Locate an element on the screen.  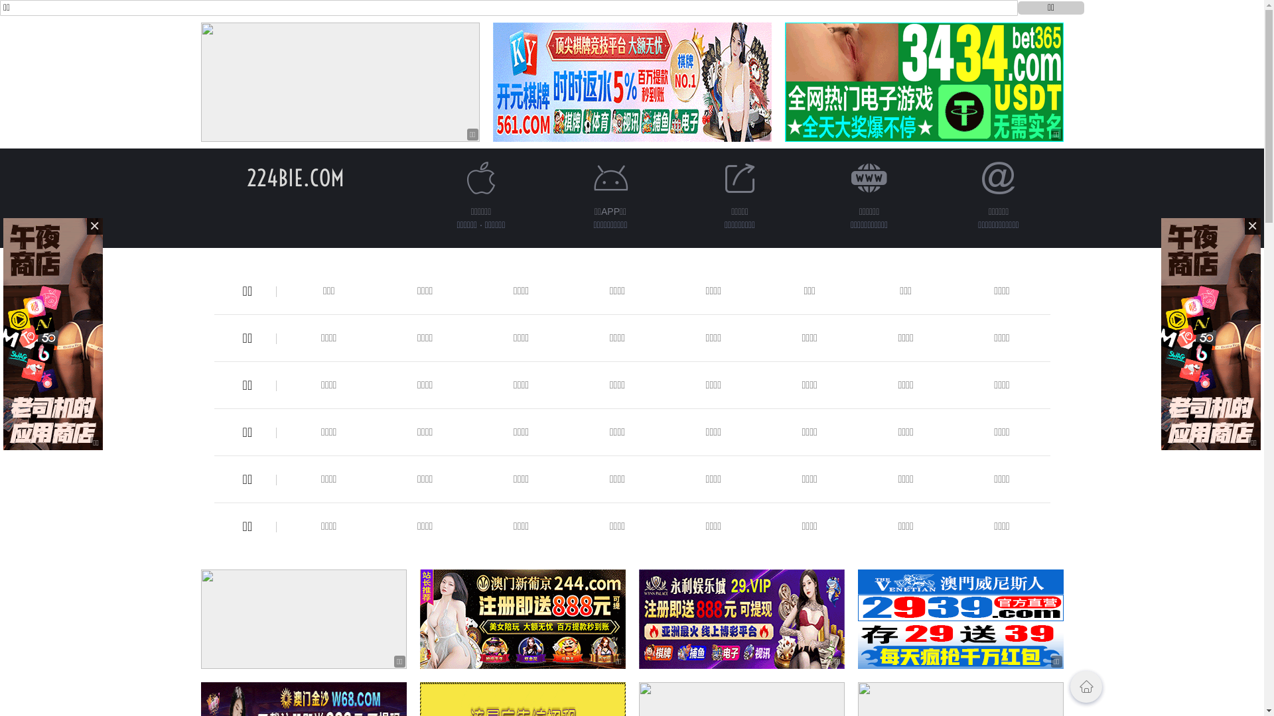
'224BIE.COM' is located at coordinates (295, 177).